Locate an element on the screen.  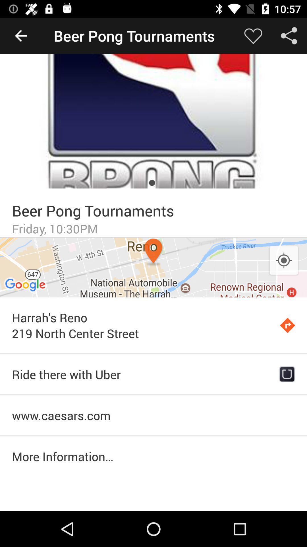
the item at the top left corner is located at coordinates (20, 35).